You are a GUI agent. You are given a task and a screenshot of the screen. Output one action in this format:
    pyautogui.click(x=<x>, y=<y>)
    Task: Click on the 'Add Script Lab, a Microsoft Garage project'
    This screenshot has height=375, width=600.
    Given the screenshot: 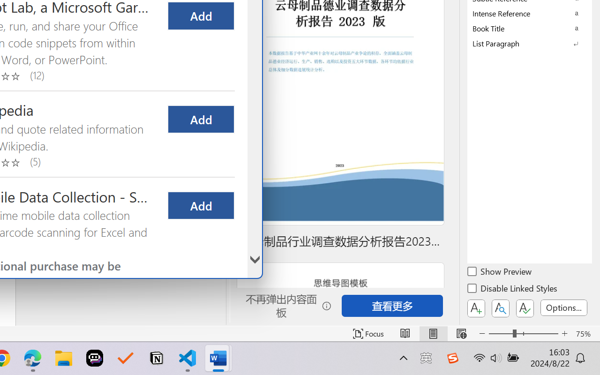 What is the action you would take?
    pyautogui.click(x=200, y=15)
    